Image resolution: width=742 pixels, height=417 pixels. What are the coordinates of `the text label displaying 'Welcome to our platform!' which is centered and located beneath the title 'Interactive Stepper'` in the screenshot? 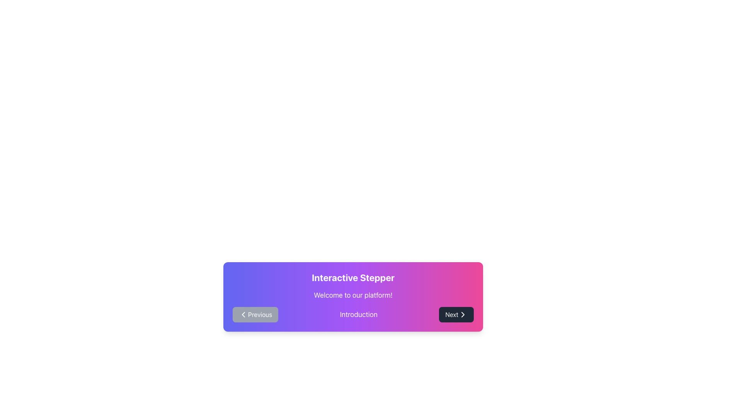 It's located at (352, 295).